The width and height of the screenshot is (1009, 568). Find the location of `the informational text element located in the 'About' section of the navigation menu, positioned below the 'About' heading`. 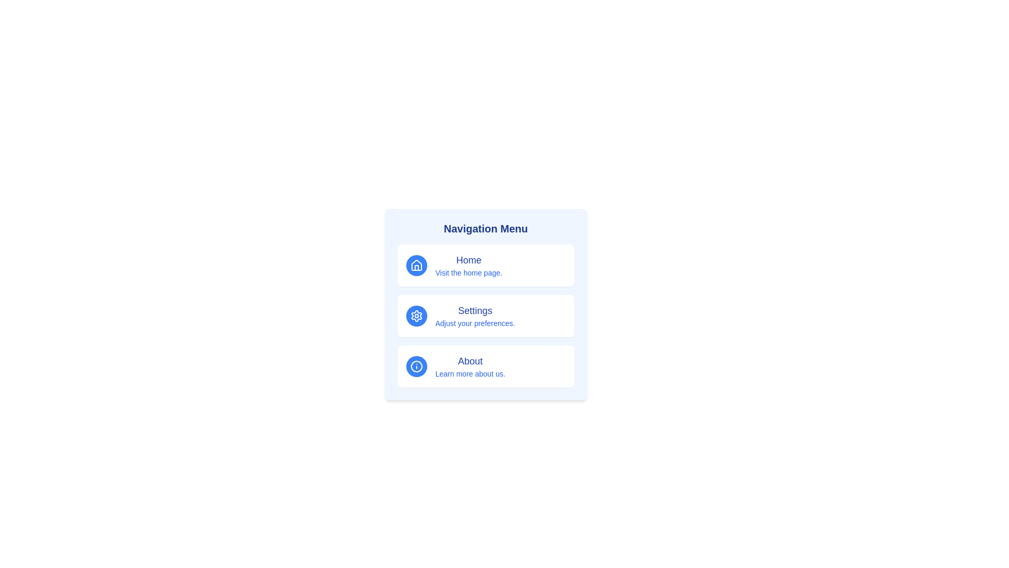

the informational text element located in the 'About' section of the navigation menu, positioned below the 'About' heading is located at coordinates (470, 373).